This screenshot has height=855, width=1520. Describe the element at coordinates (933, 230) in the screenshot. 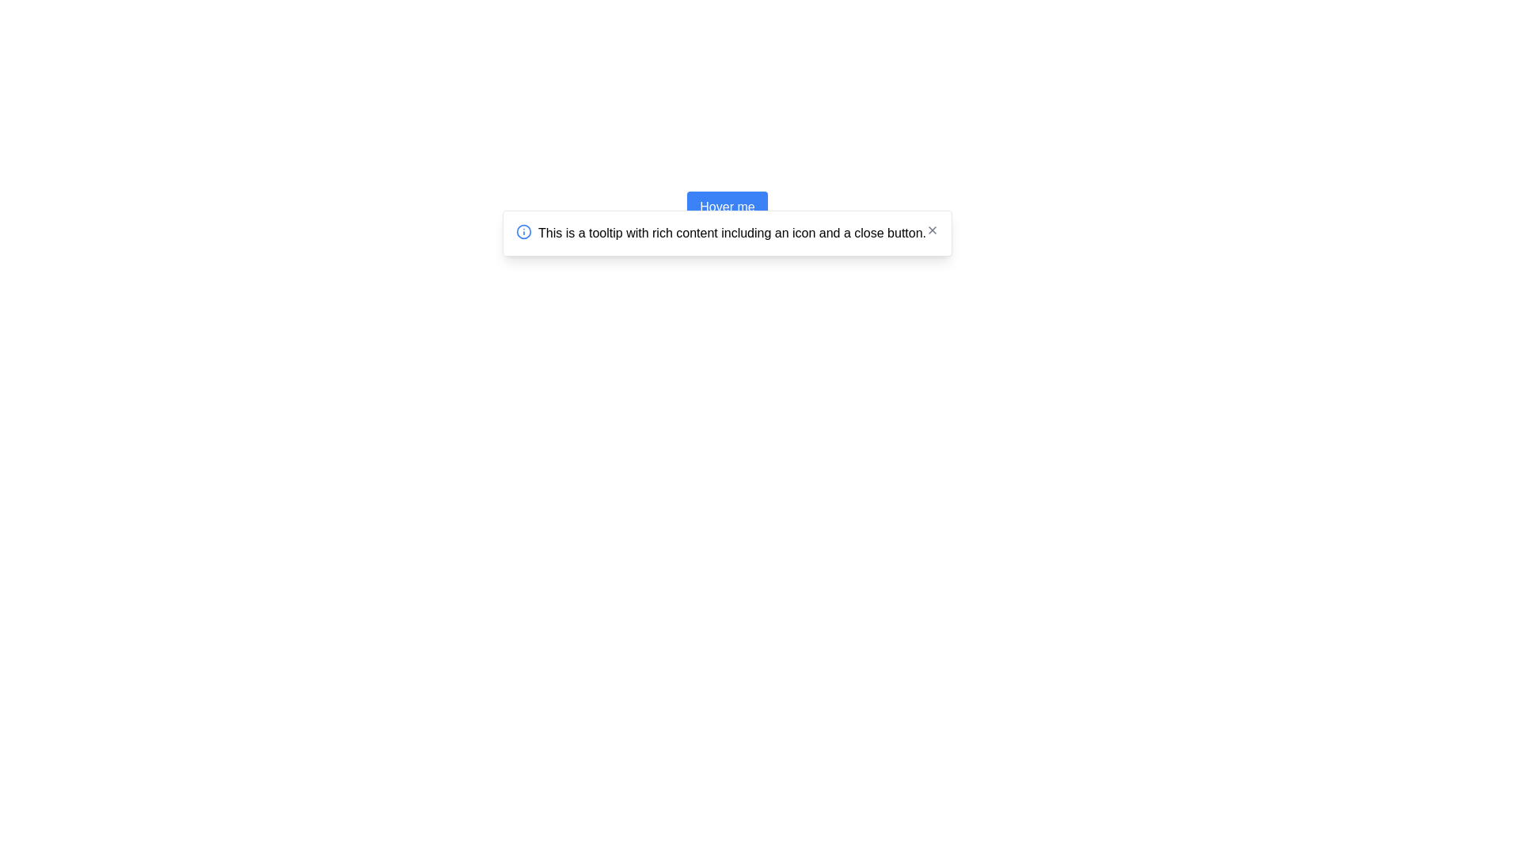

I see `the close button located at the top-right corner of the tooltip to activate hover effects, allowing users to dismiss the tooltip` at that location.